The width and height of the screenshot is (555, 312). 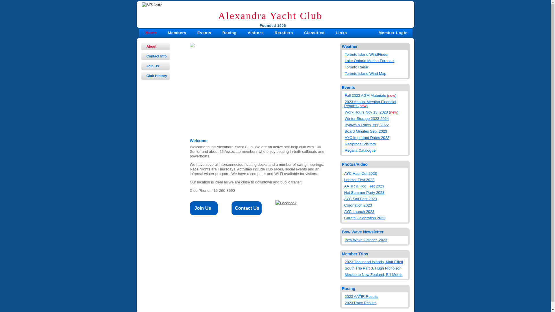 What do you see at coordinates (376, 72) in the screenshot?
I see `'Toronto Island Wind Map'` at bounding box center [376, 72].